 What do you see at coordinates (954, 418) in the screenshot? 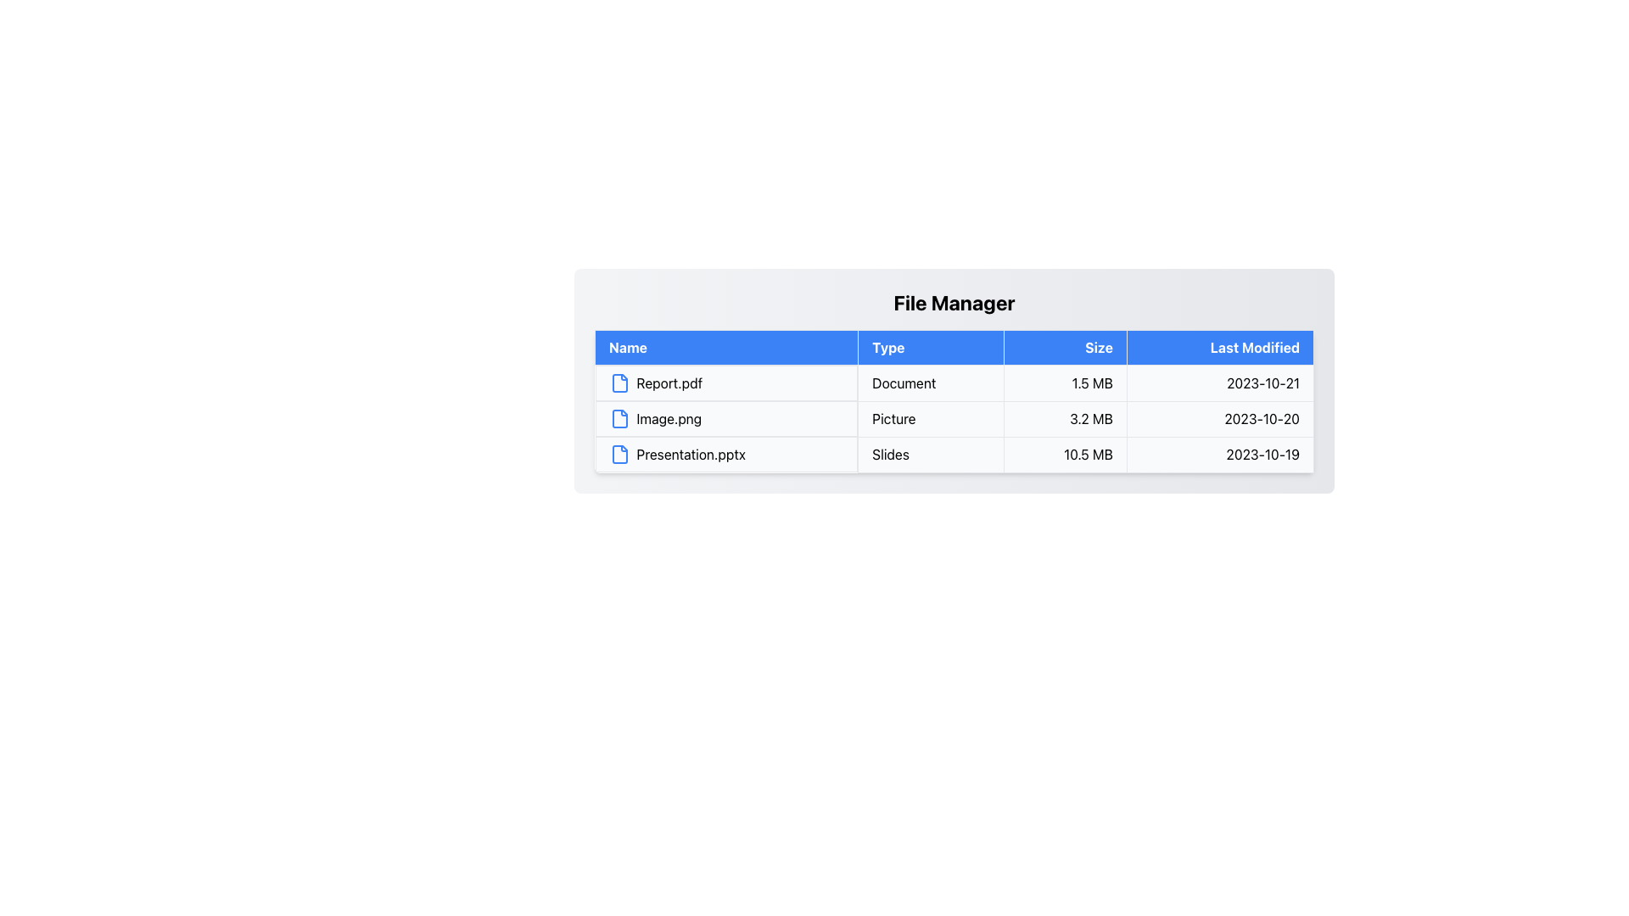
I see `the second row of the table that contains metadata for 'Image.png'` at bounding box center [954, 418].